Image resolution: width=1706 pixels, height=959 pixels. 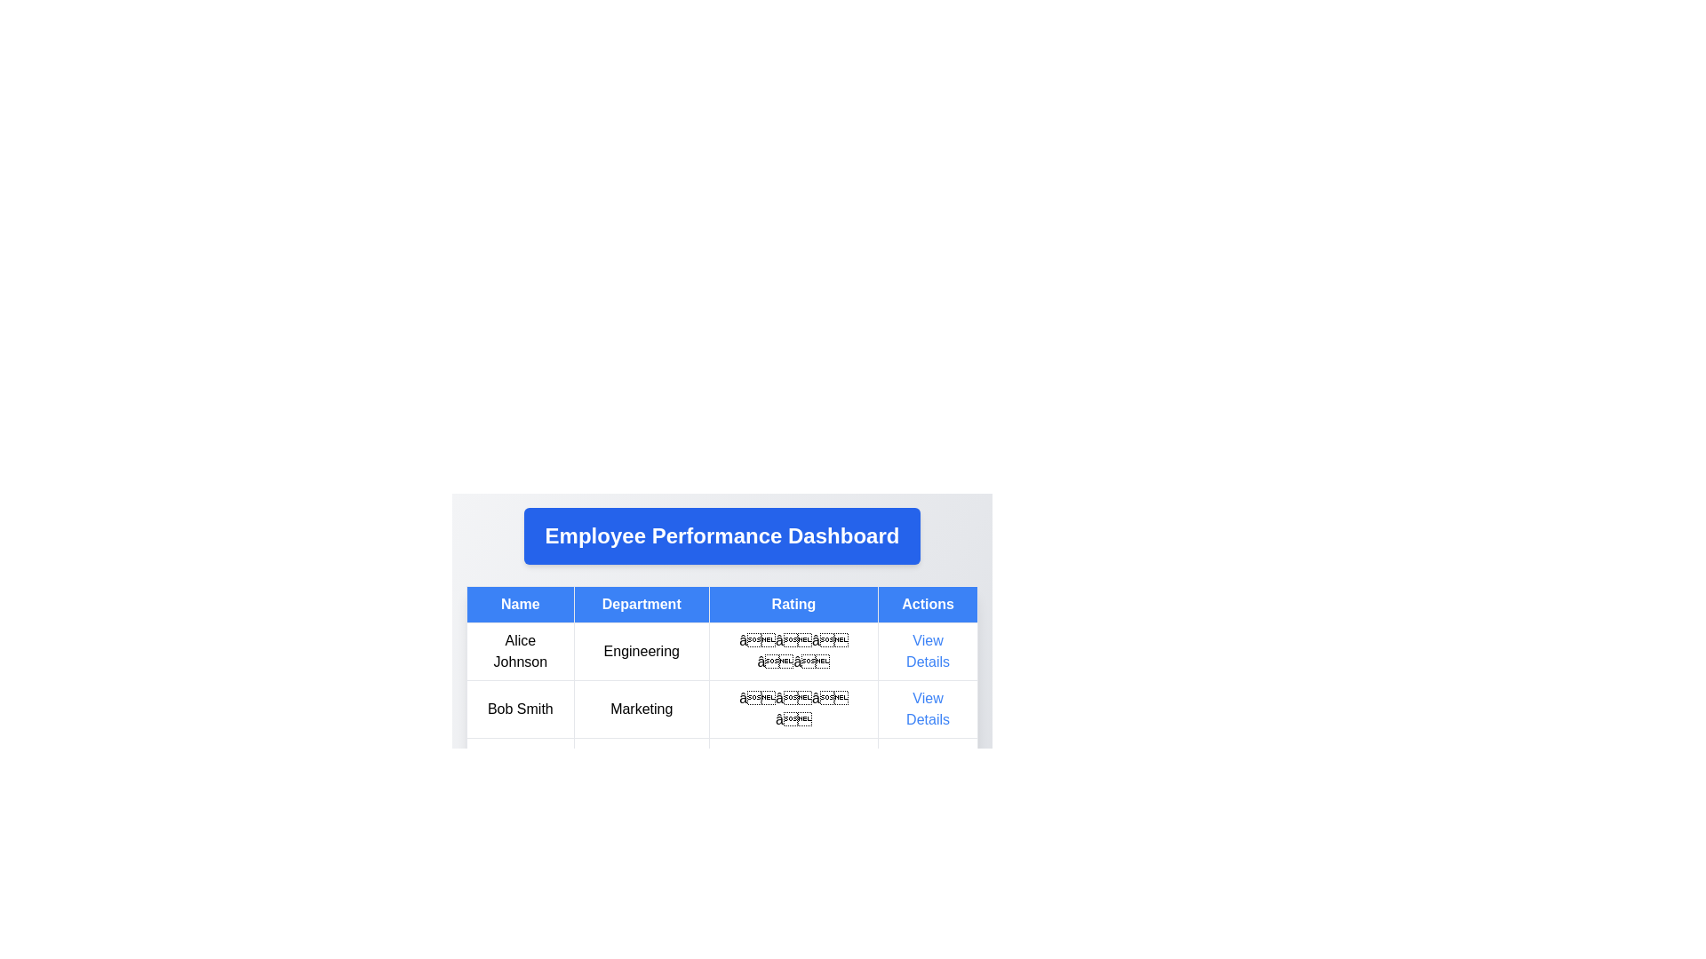 I want to click on the text label 'Bob Smith' located in the first column of the second row of the table, which is styled in bold black font and is part of the 'Name' column, so click(x=519, y=708).